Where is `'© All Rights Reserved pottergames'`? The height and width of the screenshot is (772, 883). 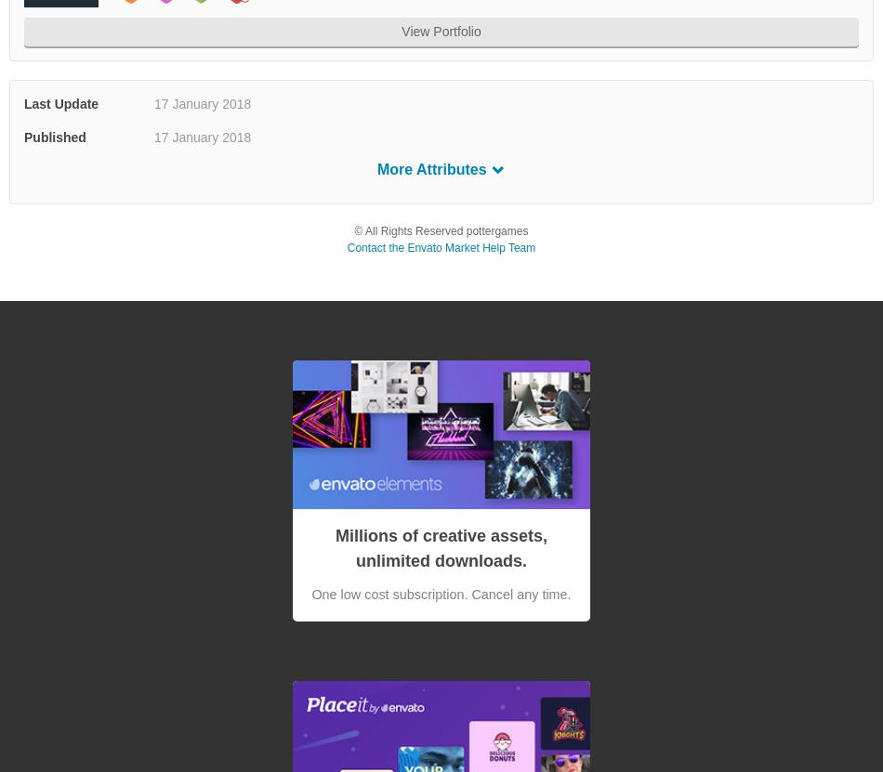
'© All Rights Reserved pottergames' is located at coordinates (353, 229).